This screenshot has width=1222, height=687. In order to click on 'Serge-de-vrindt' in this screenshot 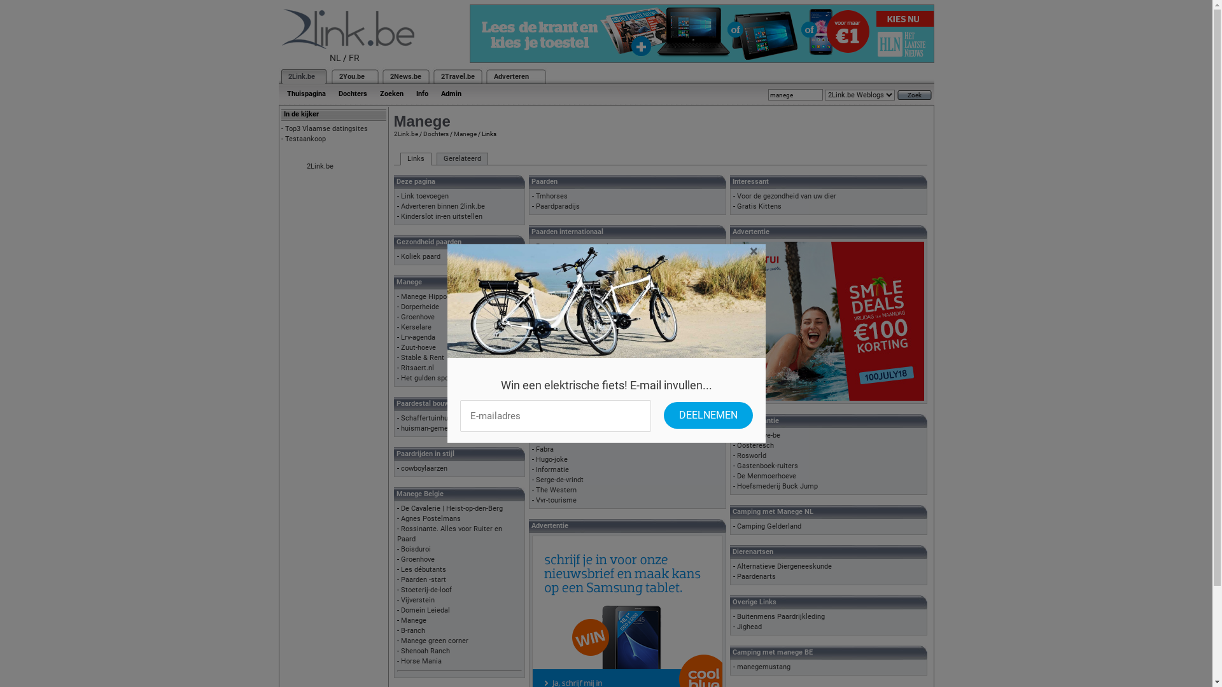, I will do `click(535, 480)`.